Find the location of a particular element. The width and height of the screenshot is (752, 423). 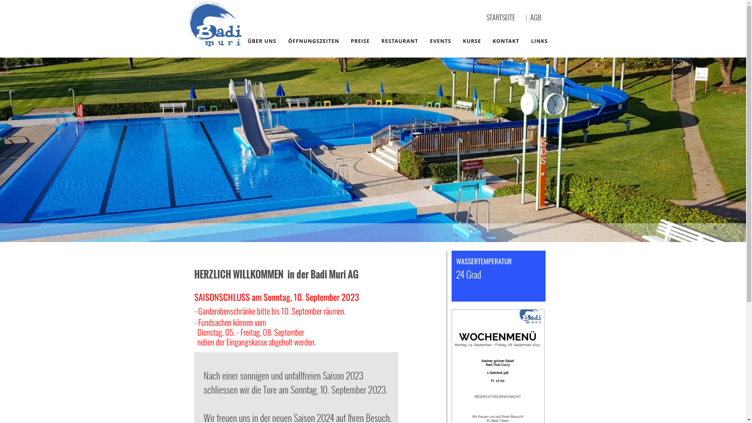

'|  ' is located at coordinates (528, 18).